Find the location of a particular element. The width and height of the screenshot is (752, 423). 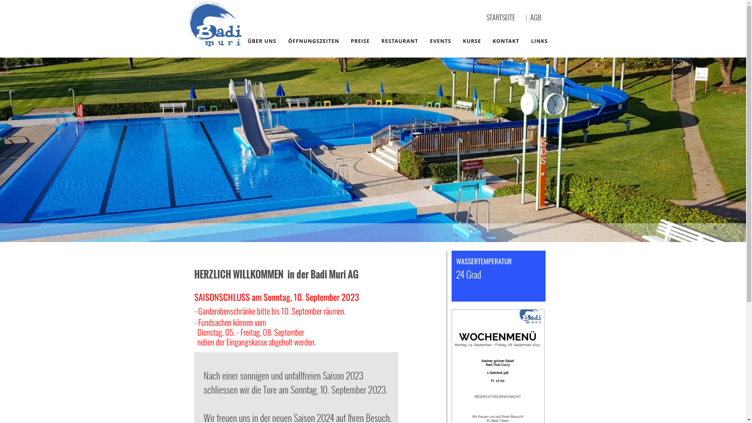

'|  ' is located at coordinates (528, 18).